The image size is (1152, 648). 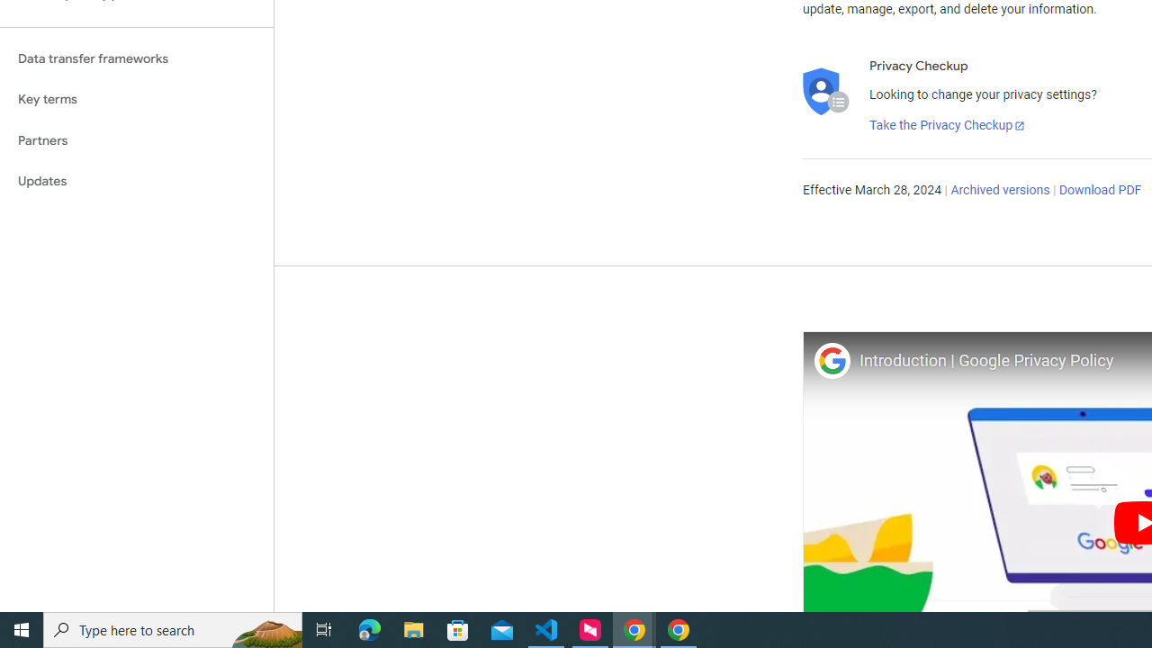 I want to click on 'Updates', so click(x=136, y=181).